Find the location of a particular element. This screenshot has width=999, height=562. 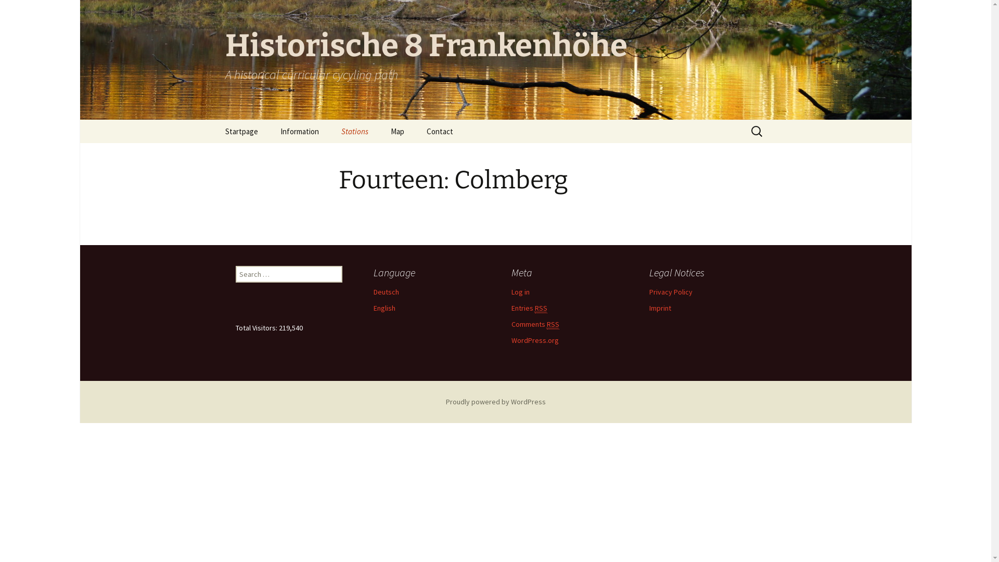

'Stations' is located at coordinates (354, 131).